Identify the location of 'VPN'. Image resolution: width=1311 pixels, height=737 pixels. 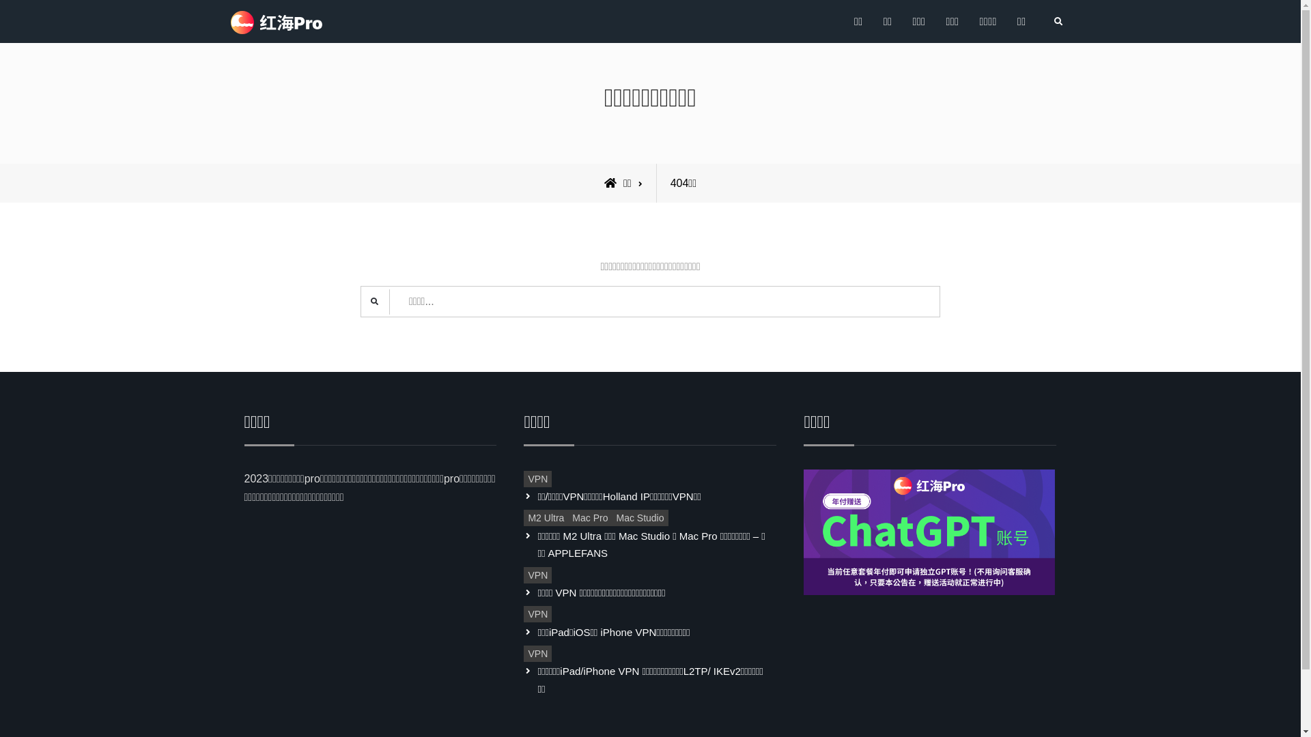
(523, 652).